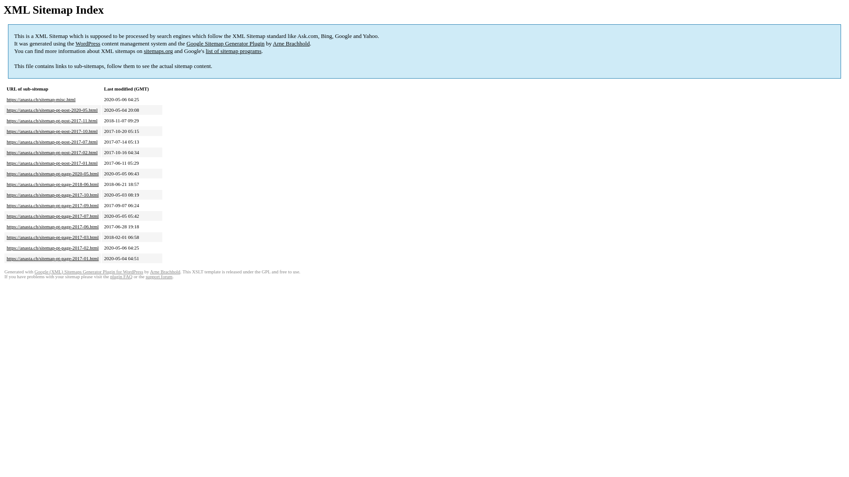 Image resolution: width=849 pixels, height=477 pixels. What do you see at coordinates (52, 194) in the screenshot?
I see `'https://anasta.ch/sitemap-pt-page-2017-10.html'` at bounding box center [52, 194].